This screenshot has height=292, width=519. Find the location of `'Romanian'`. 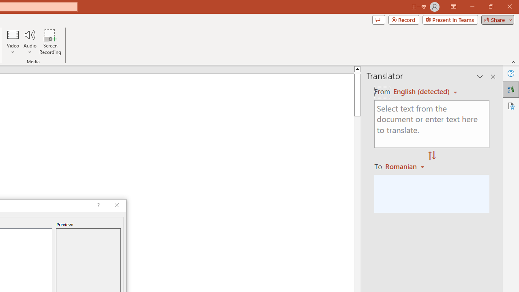

'Romanian' is located at coordinates (406, 166).